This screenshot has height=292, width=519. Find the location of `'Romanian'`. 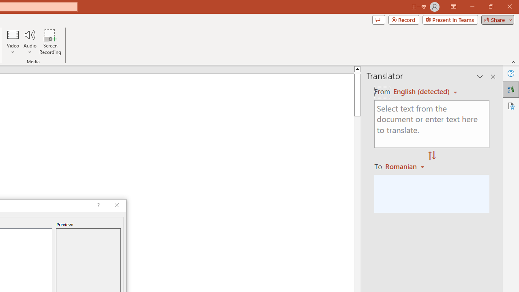

'Romanian' is located at coordinates (406, 166).